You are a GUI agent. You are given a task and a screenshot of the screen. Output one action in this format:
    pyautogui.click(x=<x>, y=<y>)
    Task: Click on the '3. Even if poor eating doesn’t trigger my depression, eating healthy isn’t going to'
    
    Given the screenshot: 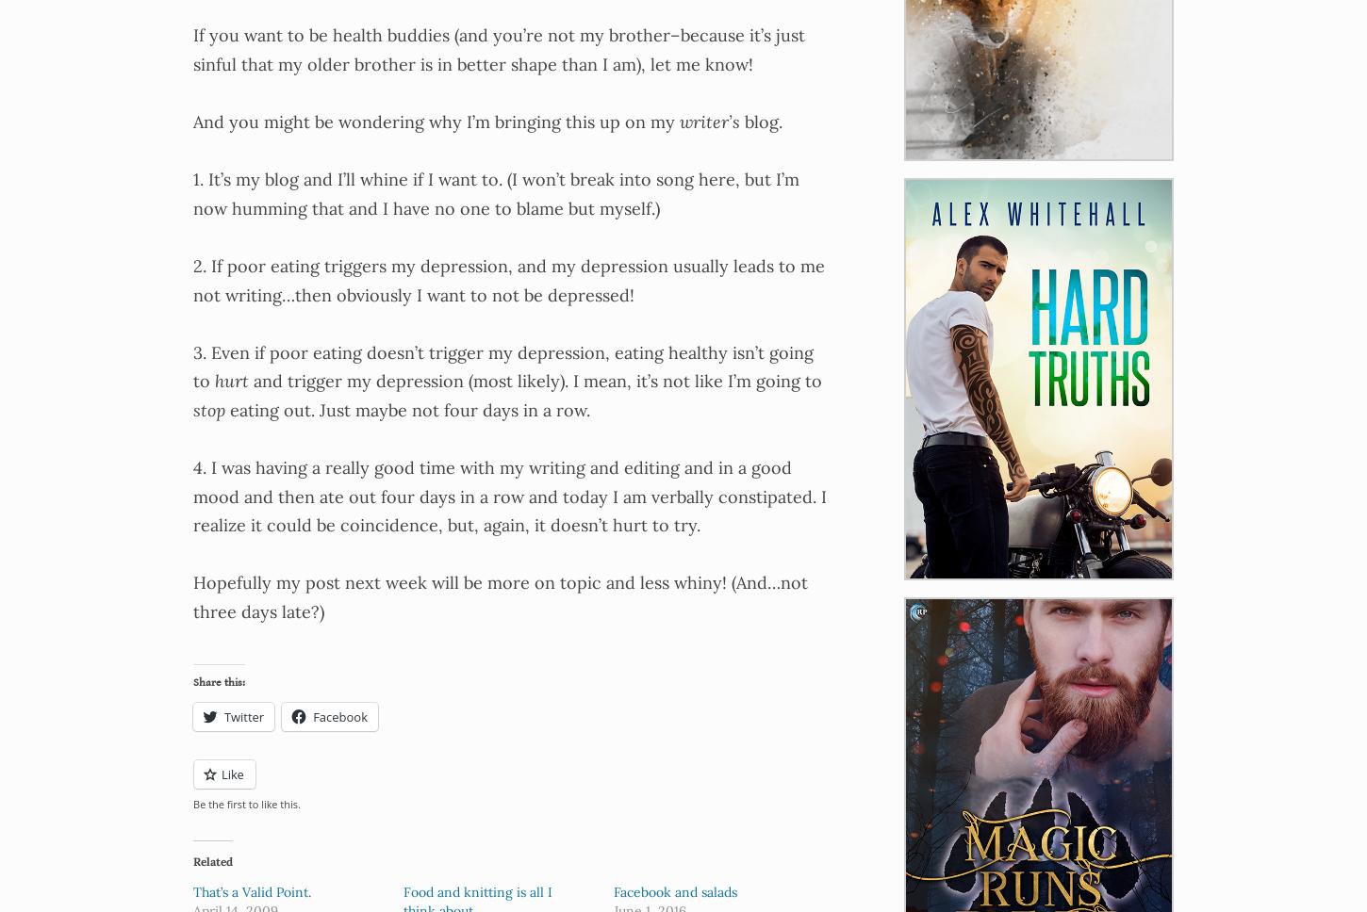 What is the action you would take?
    pyautogui.click(x=503, y=366)
    